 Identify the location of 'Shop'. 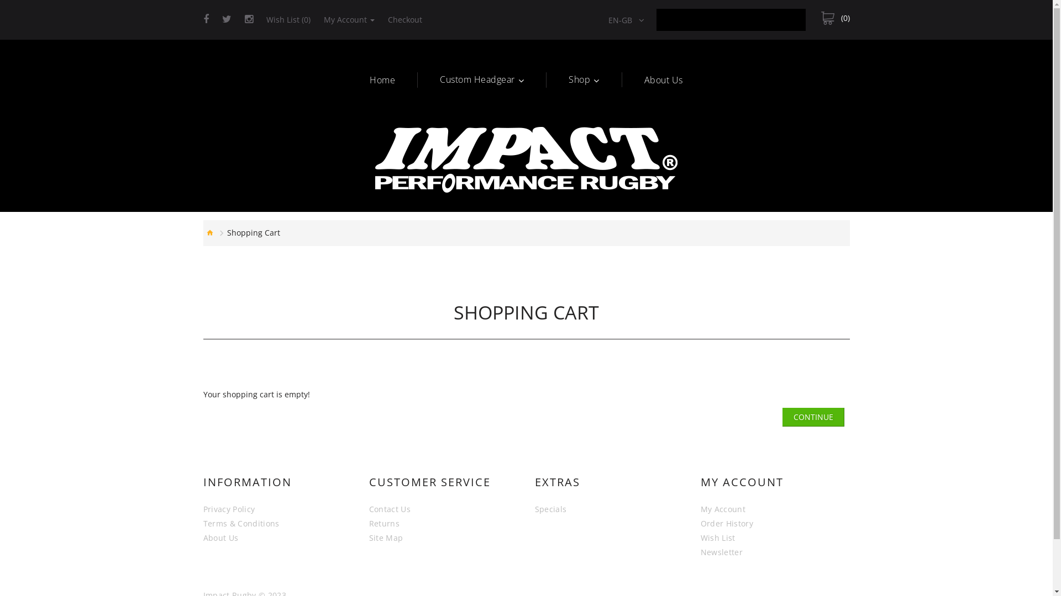
(568, 79).